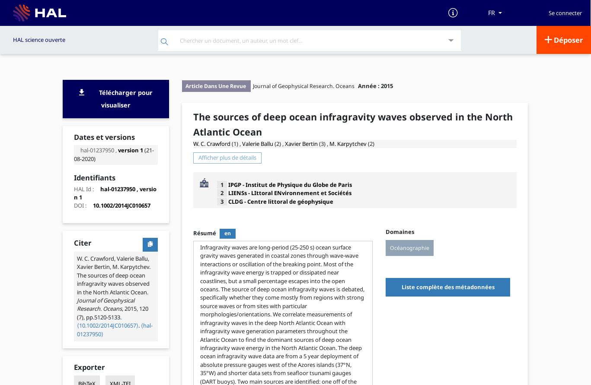  I want to click on 'FR', so click(491, 13).